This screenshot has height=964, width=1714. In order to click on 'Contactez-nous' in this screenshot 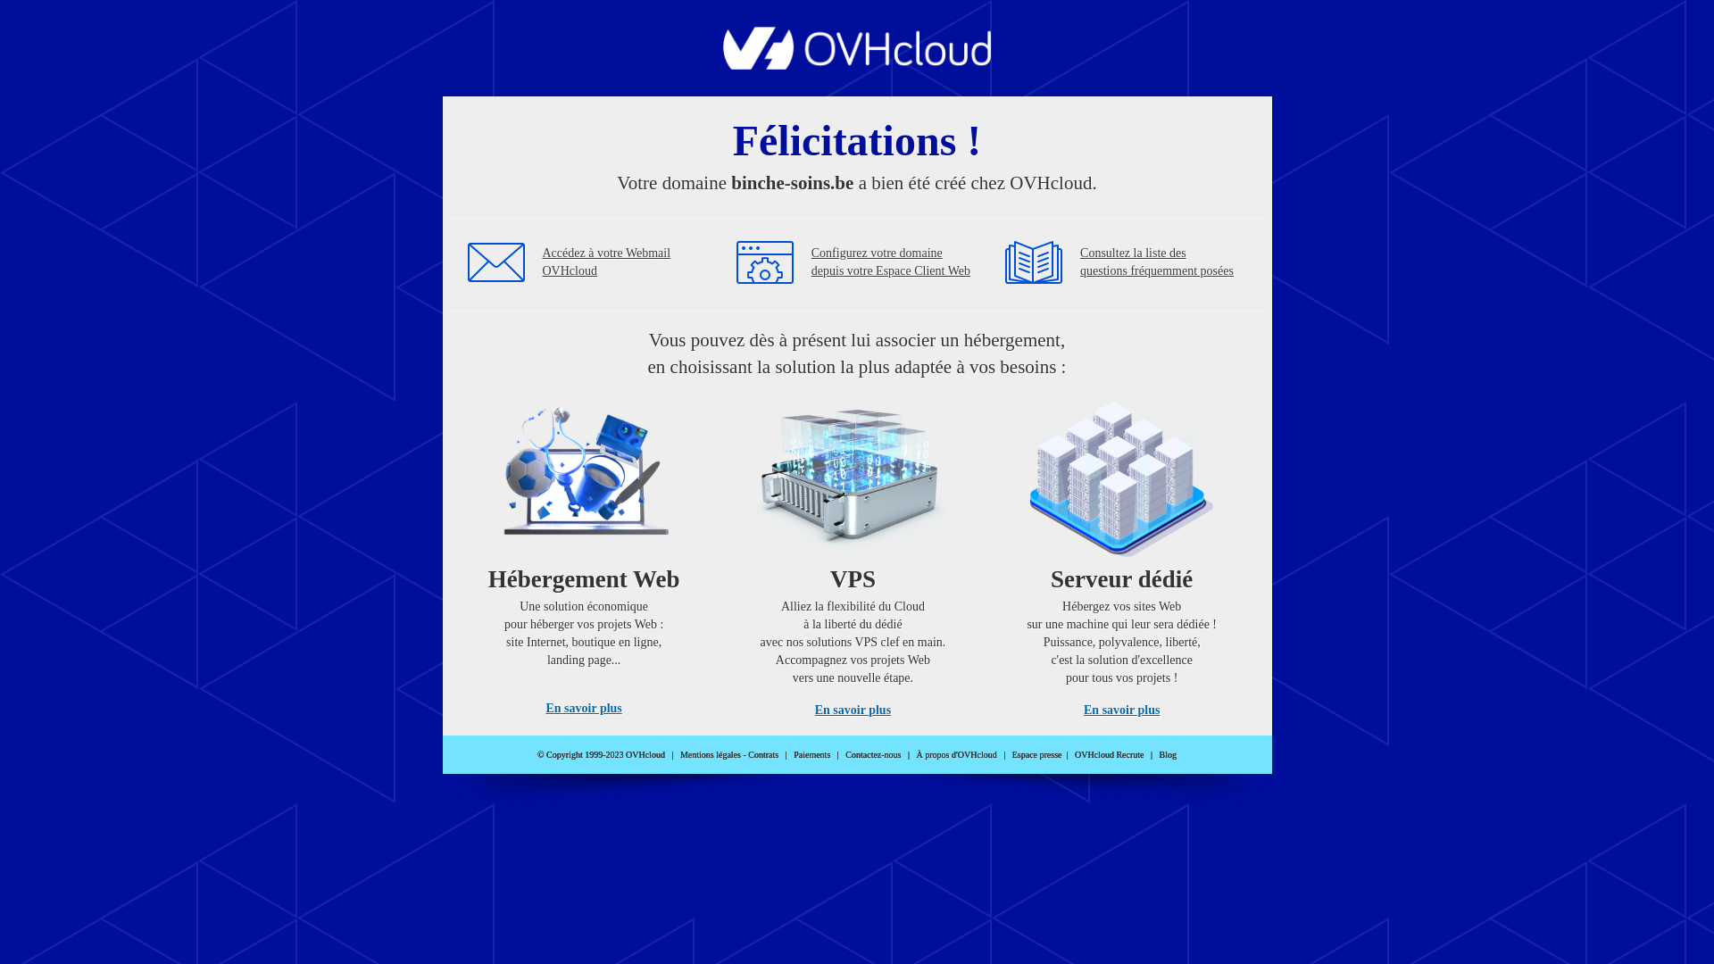, I will do `click(873, 754)`.